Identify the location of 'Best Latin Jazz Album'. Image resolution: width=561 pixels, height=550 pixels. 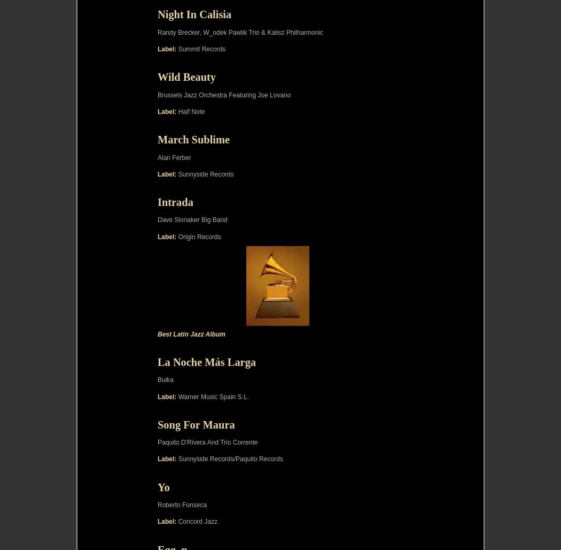
(191, 333).